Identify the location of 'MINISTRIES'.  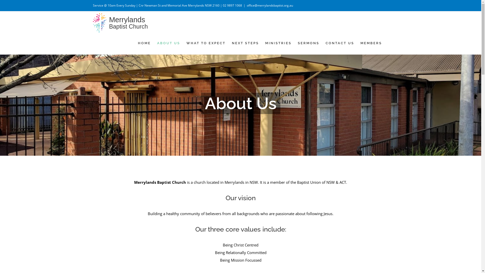
(278, 42).